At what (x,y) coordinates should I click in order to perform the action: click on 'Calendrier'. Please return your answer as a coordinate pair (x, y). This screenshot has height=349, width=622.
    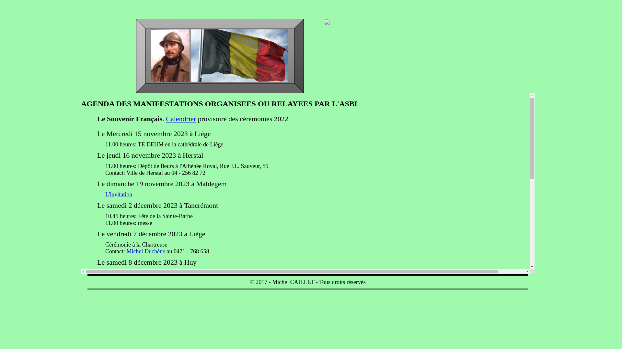
    Looking at the image, I should click on (181, 119).